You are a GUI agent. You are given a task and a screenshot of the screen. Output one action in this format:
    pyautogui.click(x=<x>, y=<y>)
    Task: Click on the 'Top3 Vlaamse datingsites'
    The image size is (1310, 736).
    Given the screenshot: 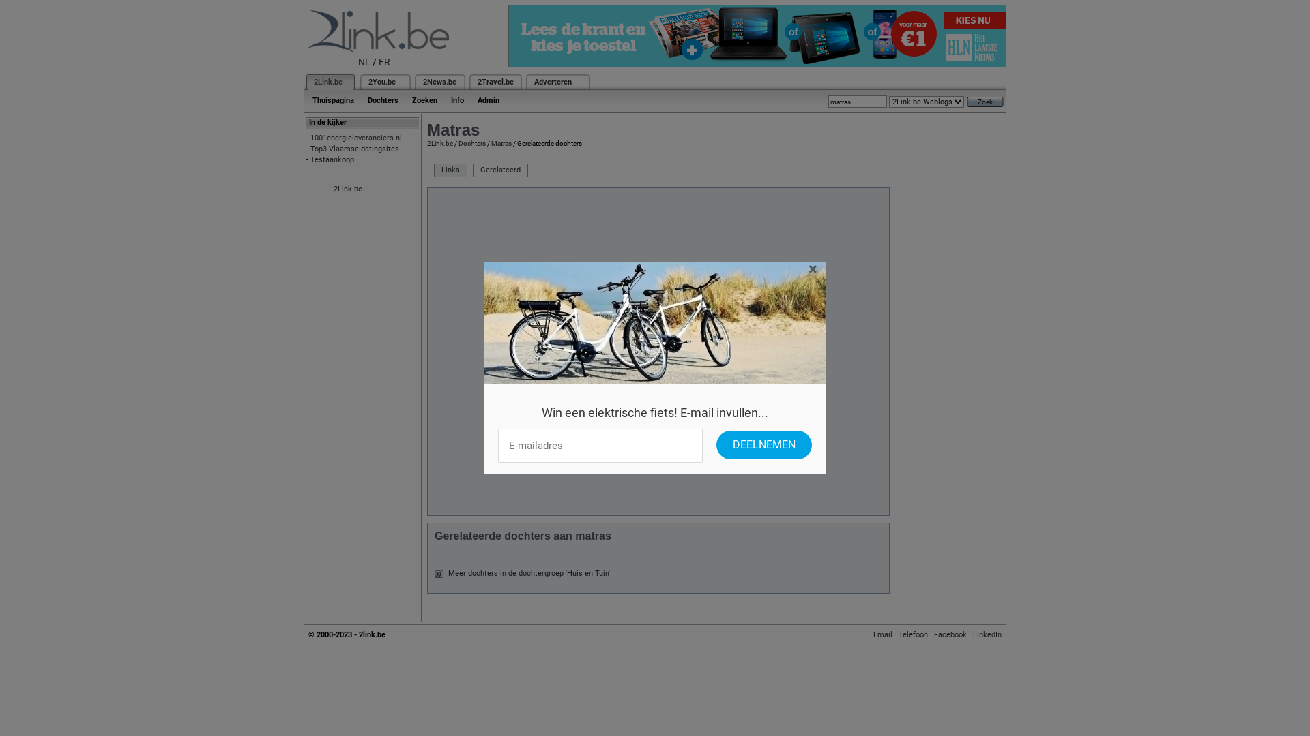 What is the action you would take?
    pyautogui.click(x=354, y=149)
    